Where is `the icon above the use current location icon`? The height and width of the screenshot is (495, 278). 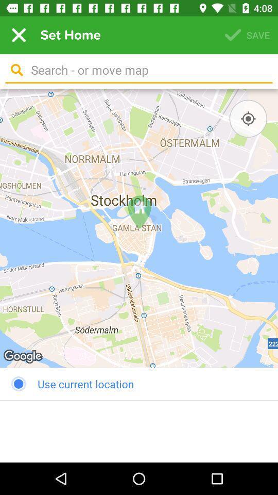
the icon above the use current location icon is located at coordinates (248, 119).